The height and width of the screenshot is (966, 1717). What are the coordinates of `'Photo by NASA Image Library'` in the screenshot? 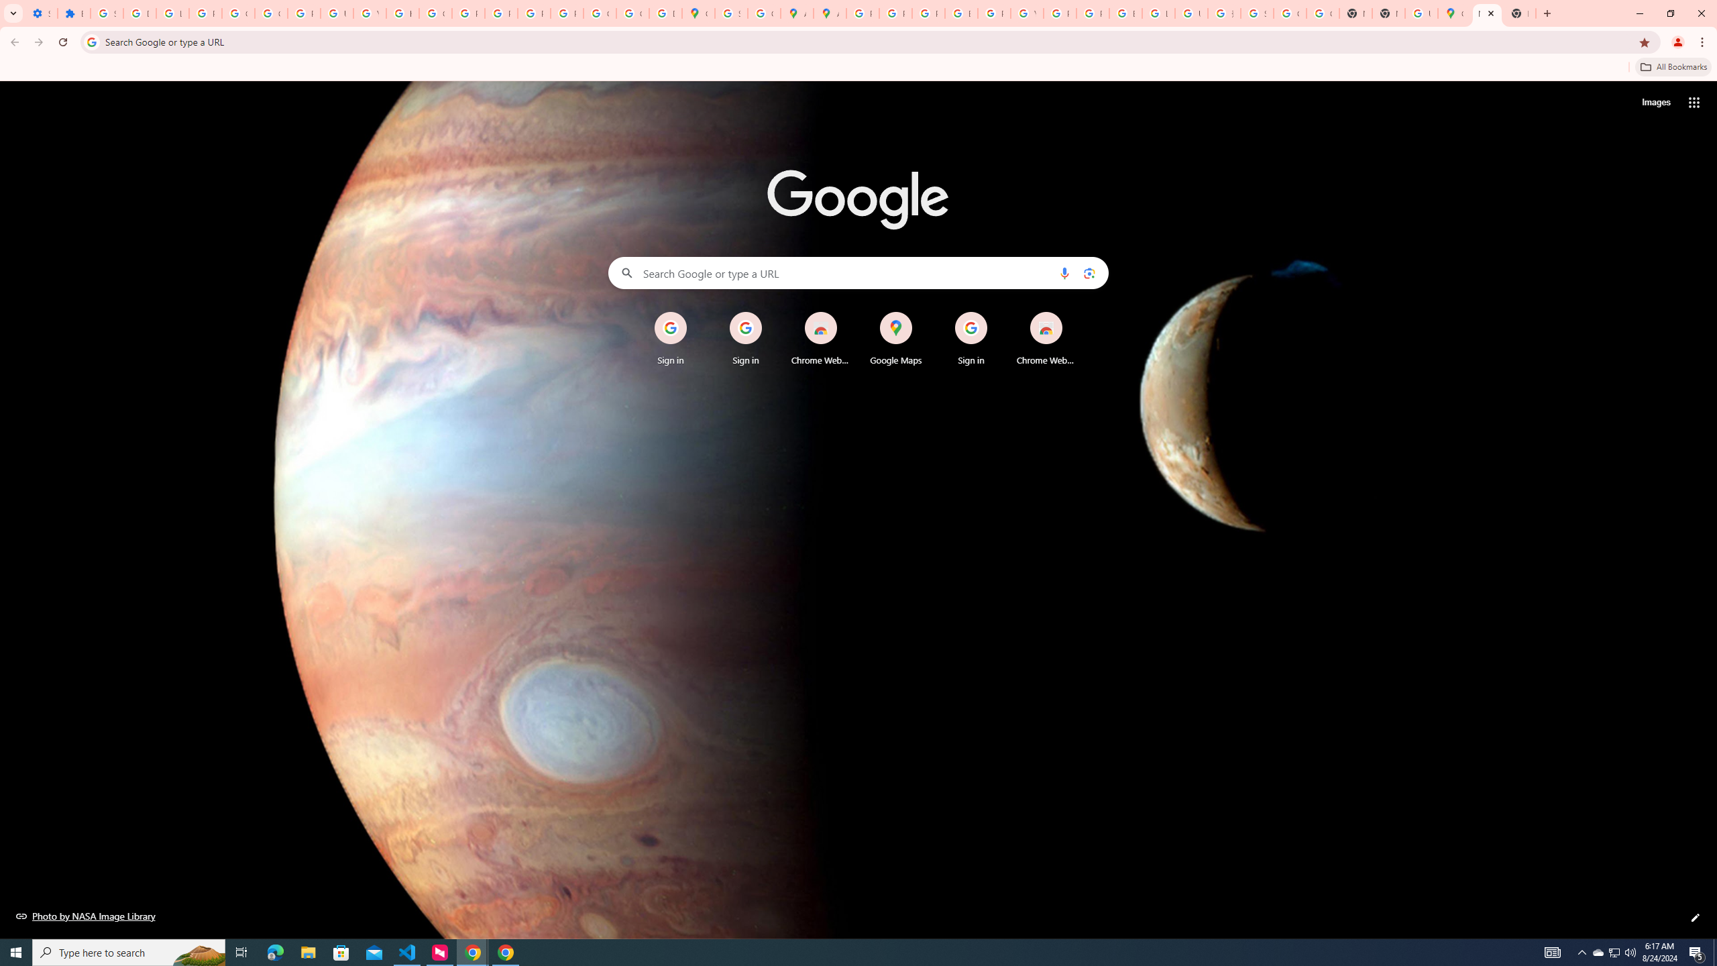 It's located at (85, 915).